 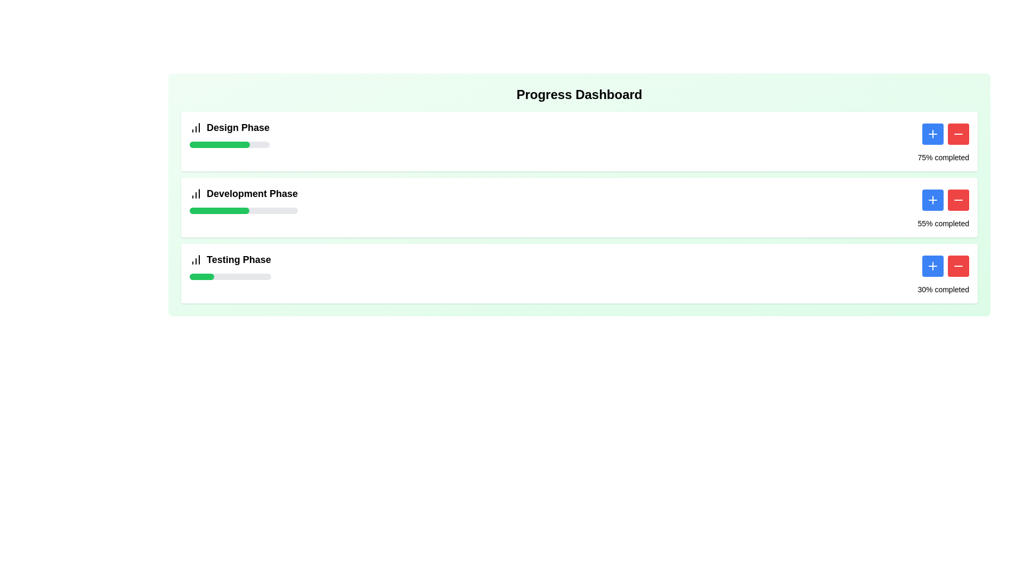 I want to click on the decrement icon button located in the bottom-right corner of the 'Testing Phase' section, so click(x=959, y=266).